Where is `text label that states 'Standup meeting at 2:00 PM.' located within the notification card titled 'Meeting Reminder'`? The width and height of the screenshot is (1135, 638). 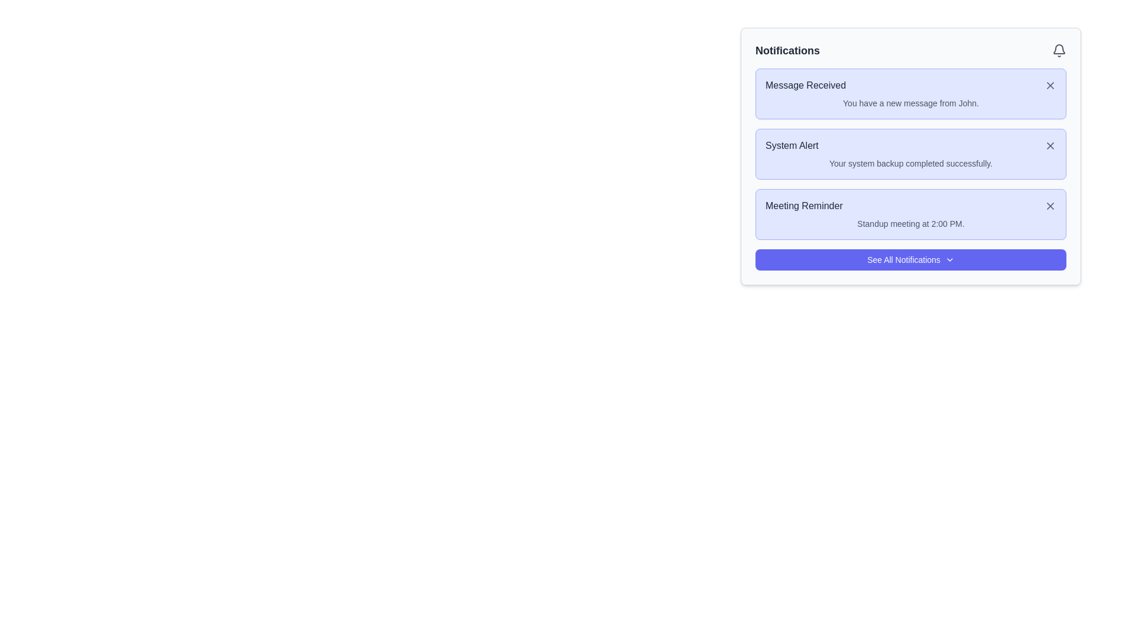
text label that states 'Standup meeting at 2:00 PM.' located within the notification card titled 'Meeting Reminder' is located at coordinates (910, 223).